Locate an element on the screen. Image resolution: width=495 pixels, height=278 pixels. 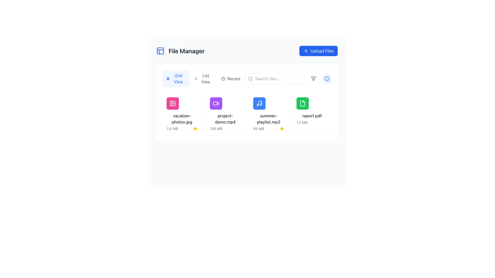
the document file icon named 'report.pdf', which is the fourth item in the file manager grid layout, located below the 'Upload Files' button is located at coordinates (303, 103).